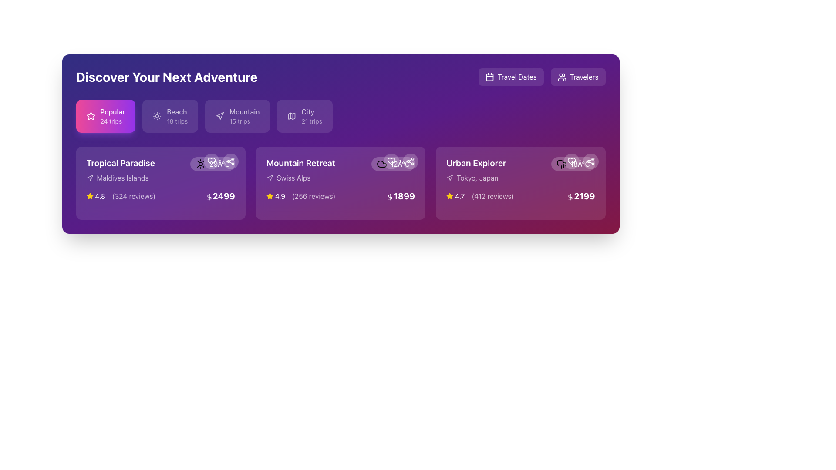 The height and width of the screenshot is (470, 836). I want to click on the circular button with a white heart icon inside, located in the top-right corner of the 'Mountain Retreat' card to favorite/unfavorite the item, so click(391, 161).